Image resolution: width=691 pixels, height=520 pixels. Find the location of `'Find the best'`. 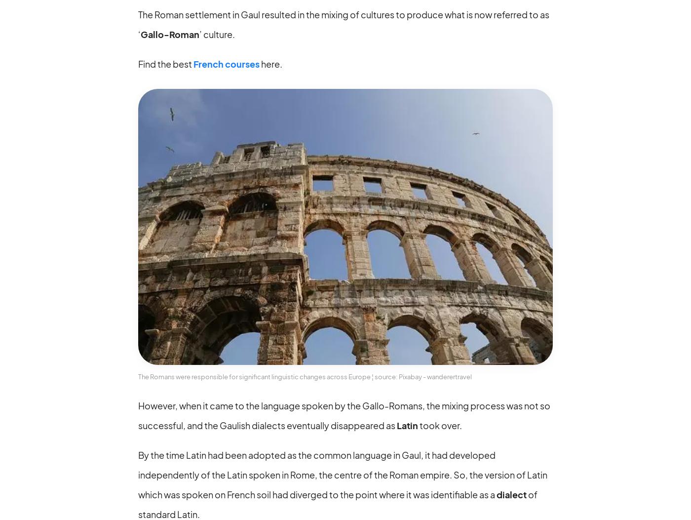

'Find the best' is located at coordinates (166, 63).